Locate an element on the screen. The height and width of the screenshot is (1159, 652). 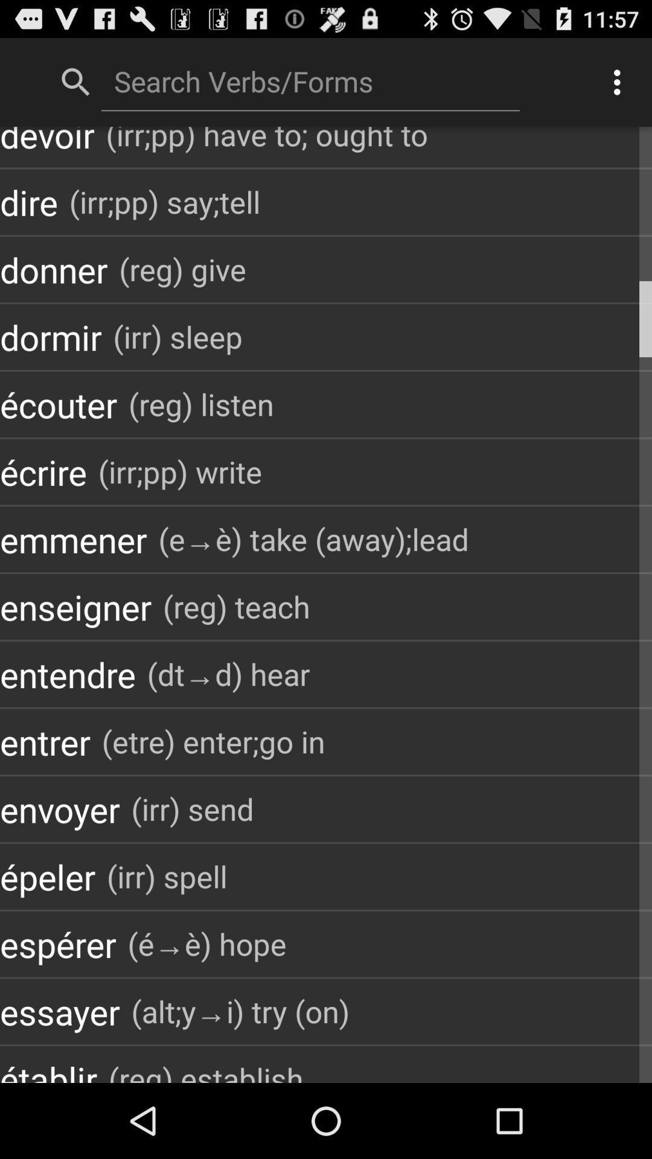
icon to the left of (reg) teach icon is located at coordinates (75, 607).